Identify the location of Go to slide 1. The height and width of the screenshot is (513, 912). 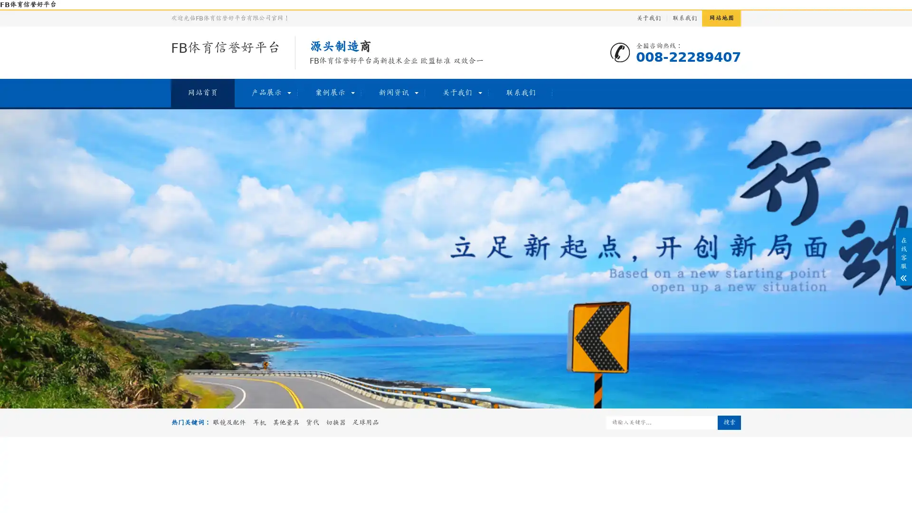
(430, 390).